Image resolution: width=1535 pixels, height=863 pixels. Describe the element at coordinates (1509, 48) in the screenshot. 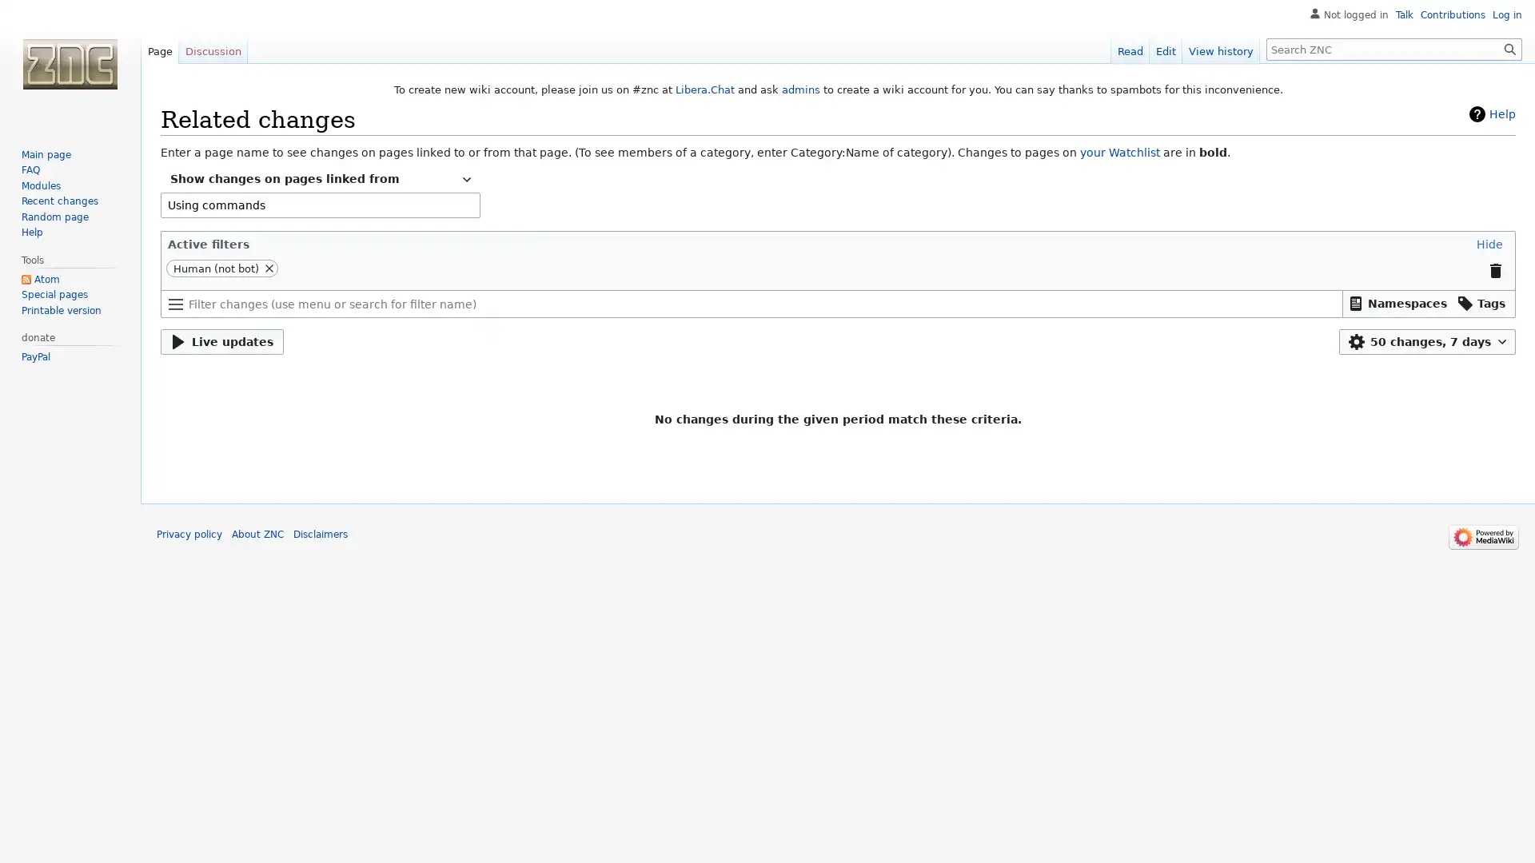

I see `Search` at that location.